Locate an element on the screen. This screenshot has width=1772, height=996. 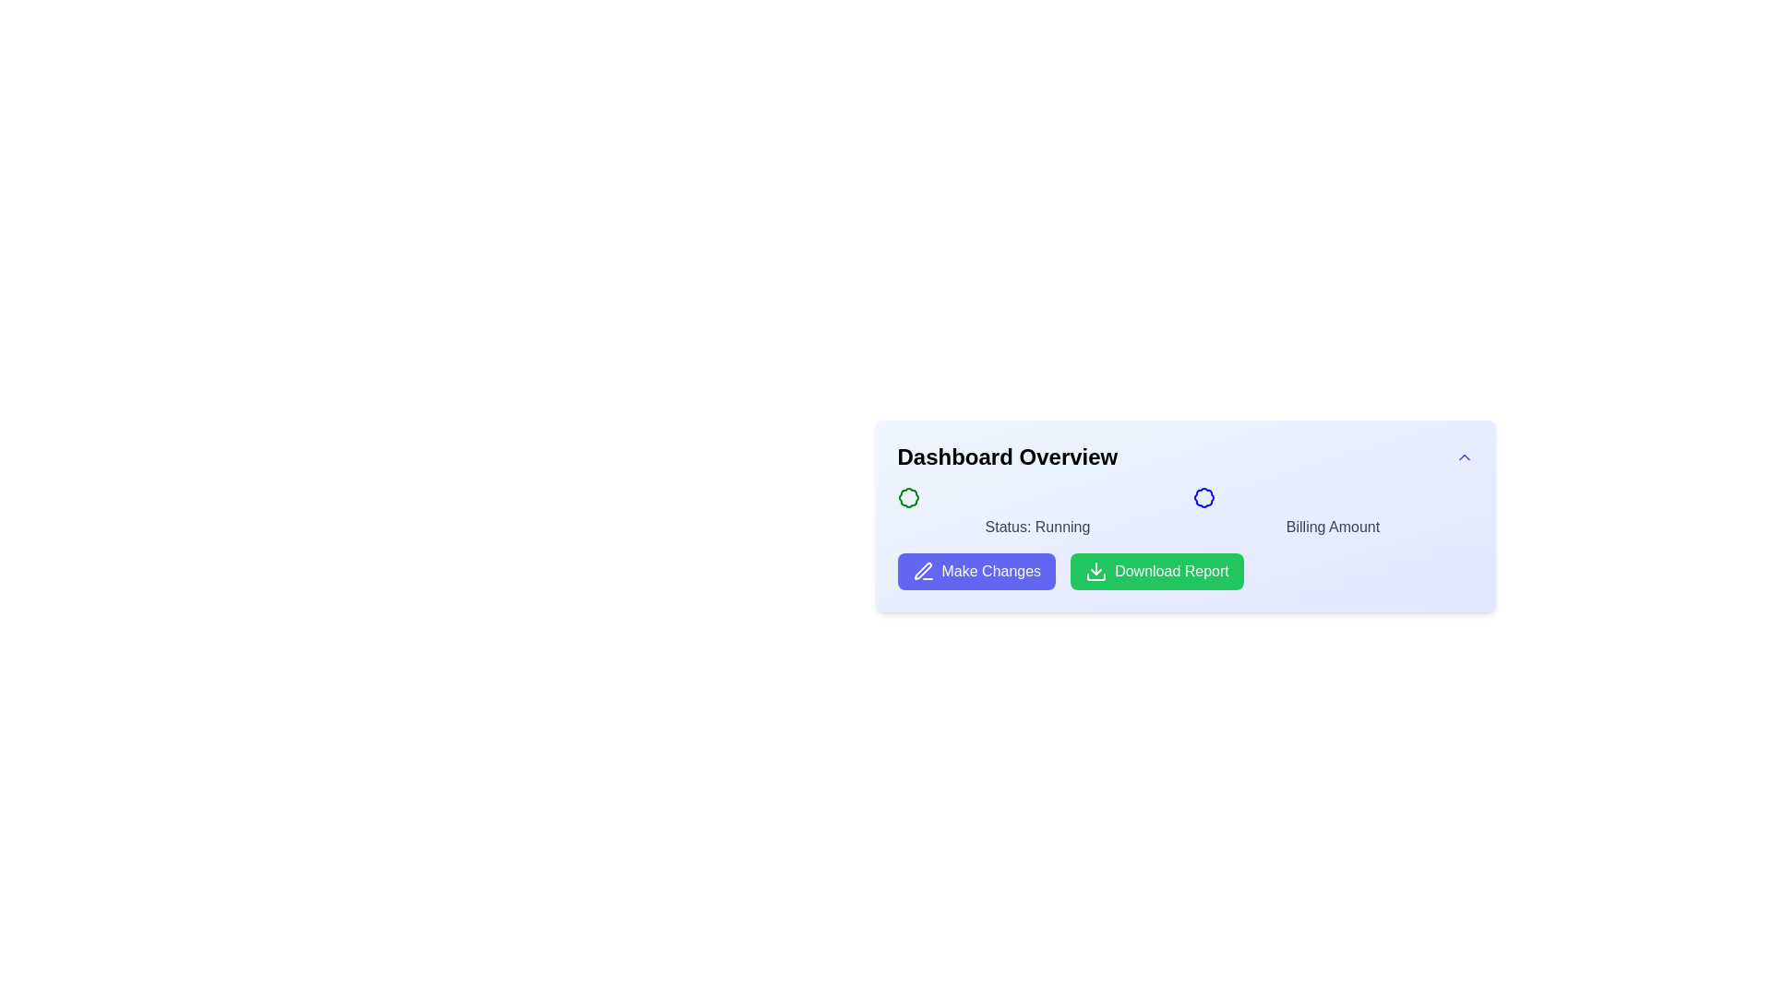
the editing icon is located at coordinates (922, 571).